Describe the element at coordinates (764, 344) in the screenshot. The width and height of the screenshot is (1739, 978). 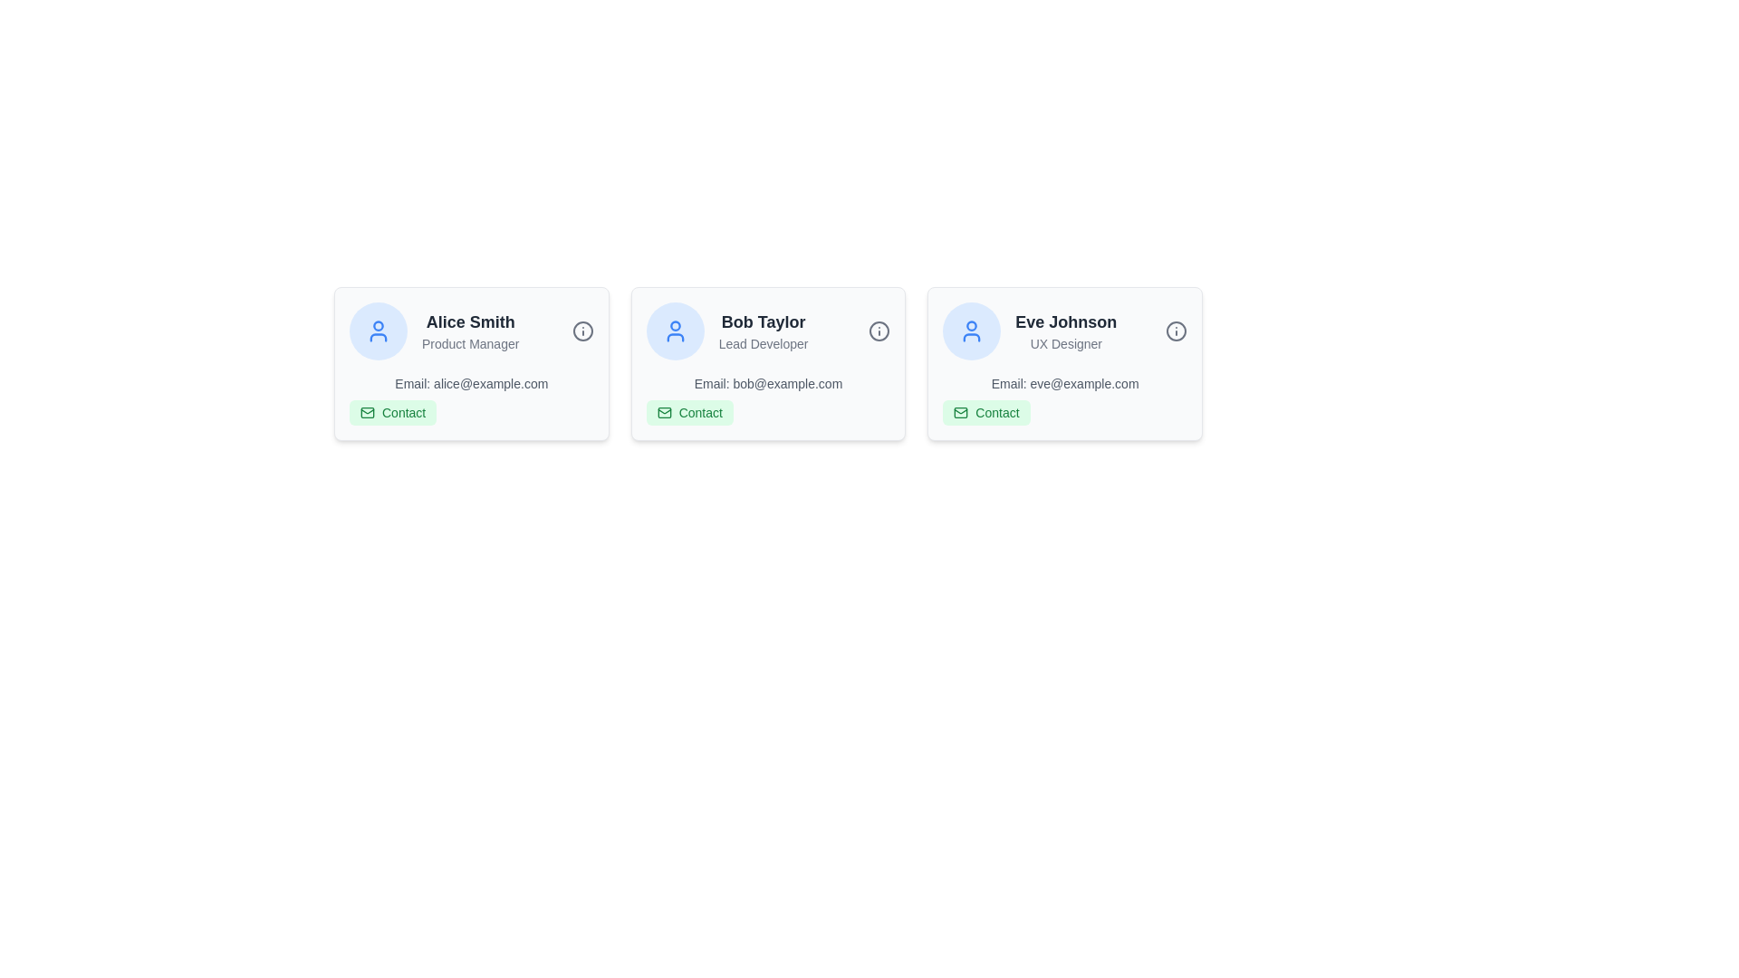
I see `text label indicating the professional title 'Lead Developer' of the individual named 'Bob Taylor', located below the name in the second card of a horizontal sequence of three cards` at that location.